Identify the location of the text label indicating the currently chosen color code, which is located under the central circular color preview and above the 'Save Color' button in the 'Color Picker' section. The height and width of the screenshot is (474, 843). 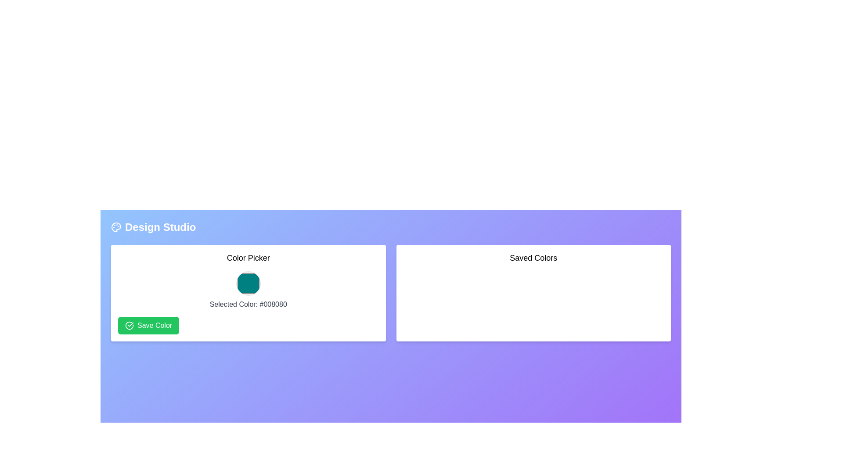
(248, 304).